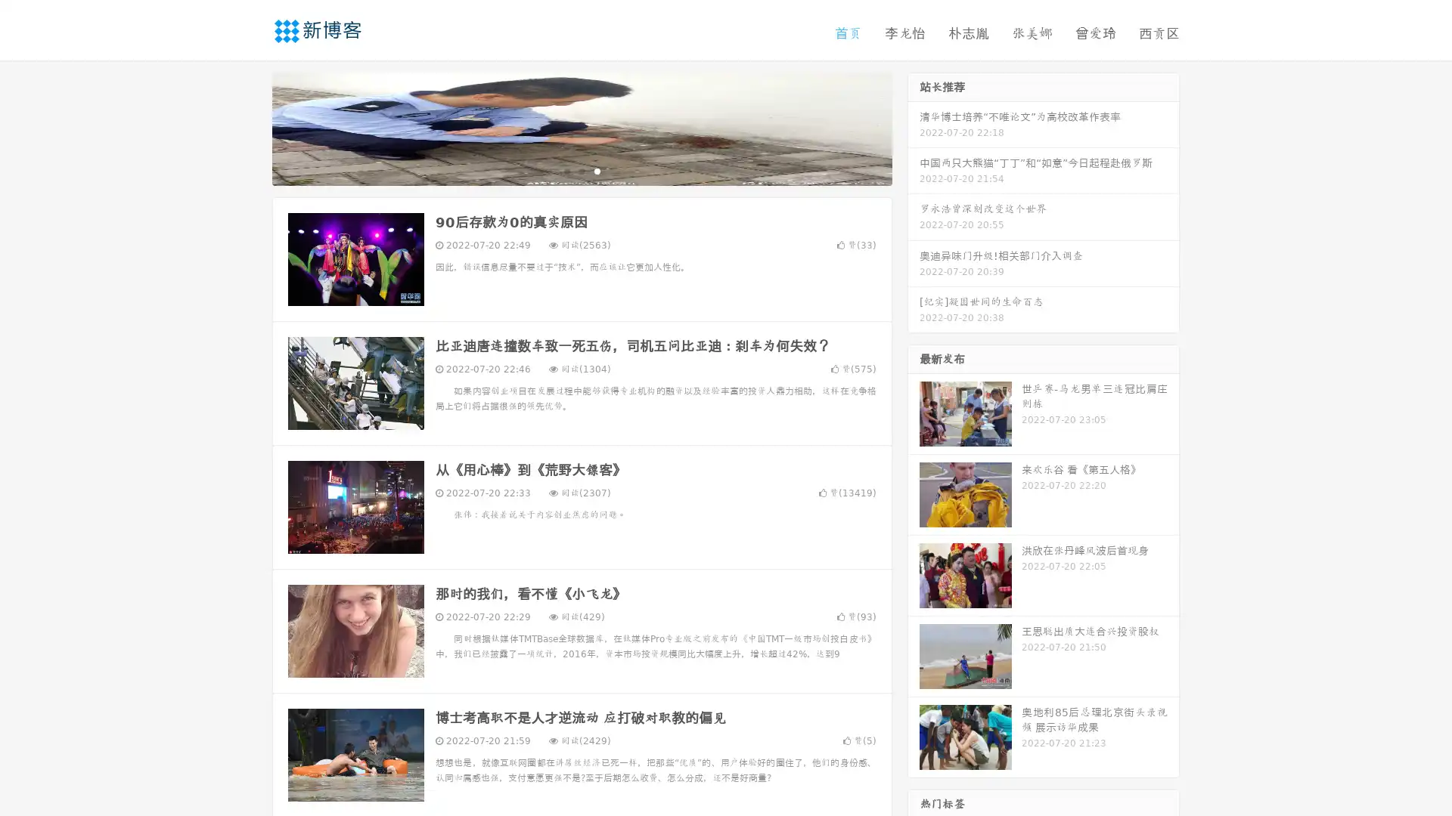 The height and width of the screenshot is (816, 1452). I want to click on Go to slide 1, so click(566, 170).